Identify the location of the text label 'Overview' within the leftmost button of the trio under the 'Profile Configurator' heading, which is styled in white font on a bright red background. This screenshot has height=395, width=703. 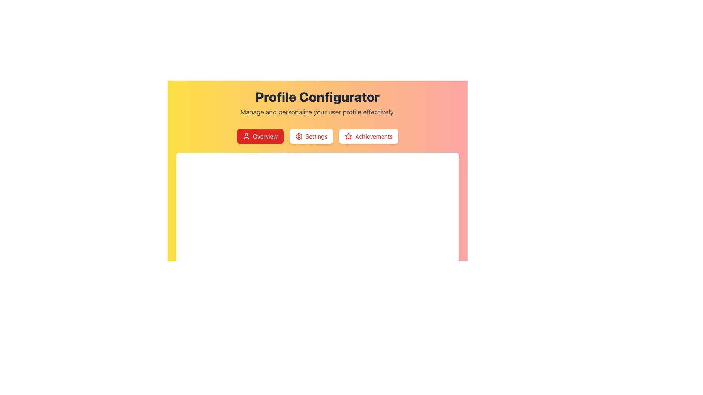
(265, 136).